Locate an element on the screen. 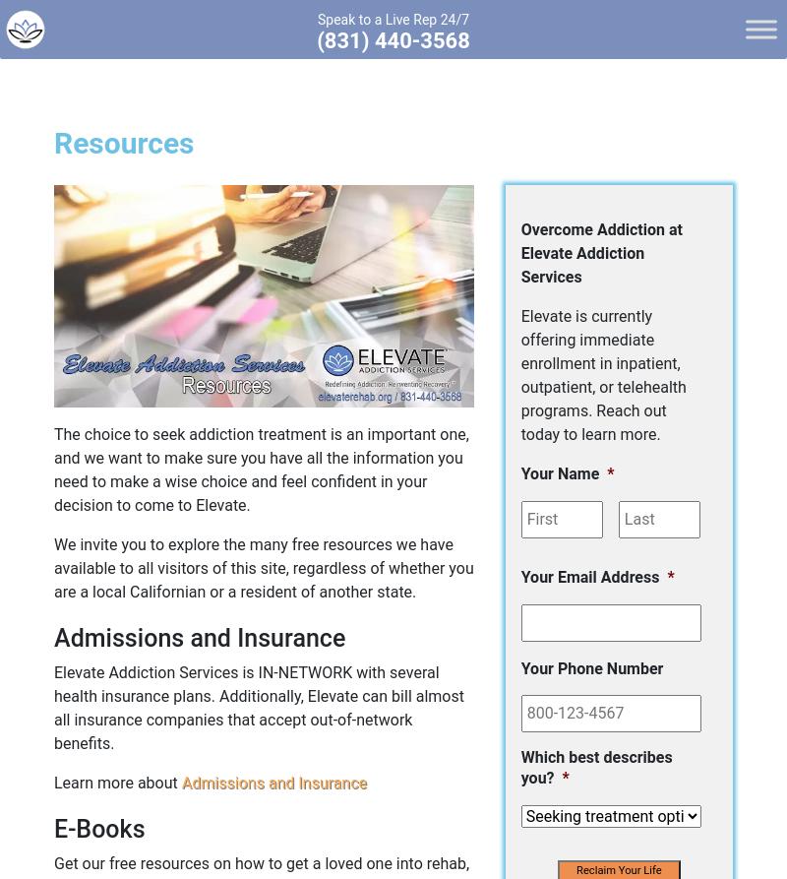  'Elevate is currently offering immediate enrollment in inpatient, outpatient, or telehealth programs. Reach out today to learn more.' is located at coordinates (519, 375).